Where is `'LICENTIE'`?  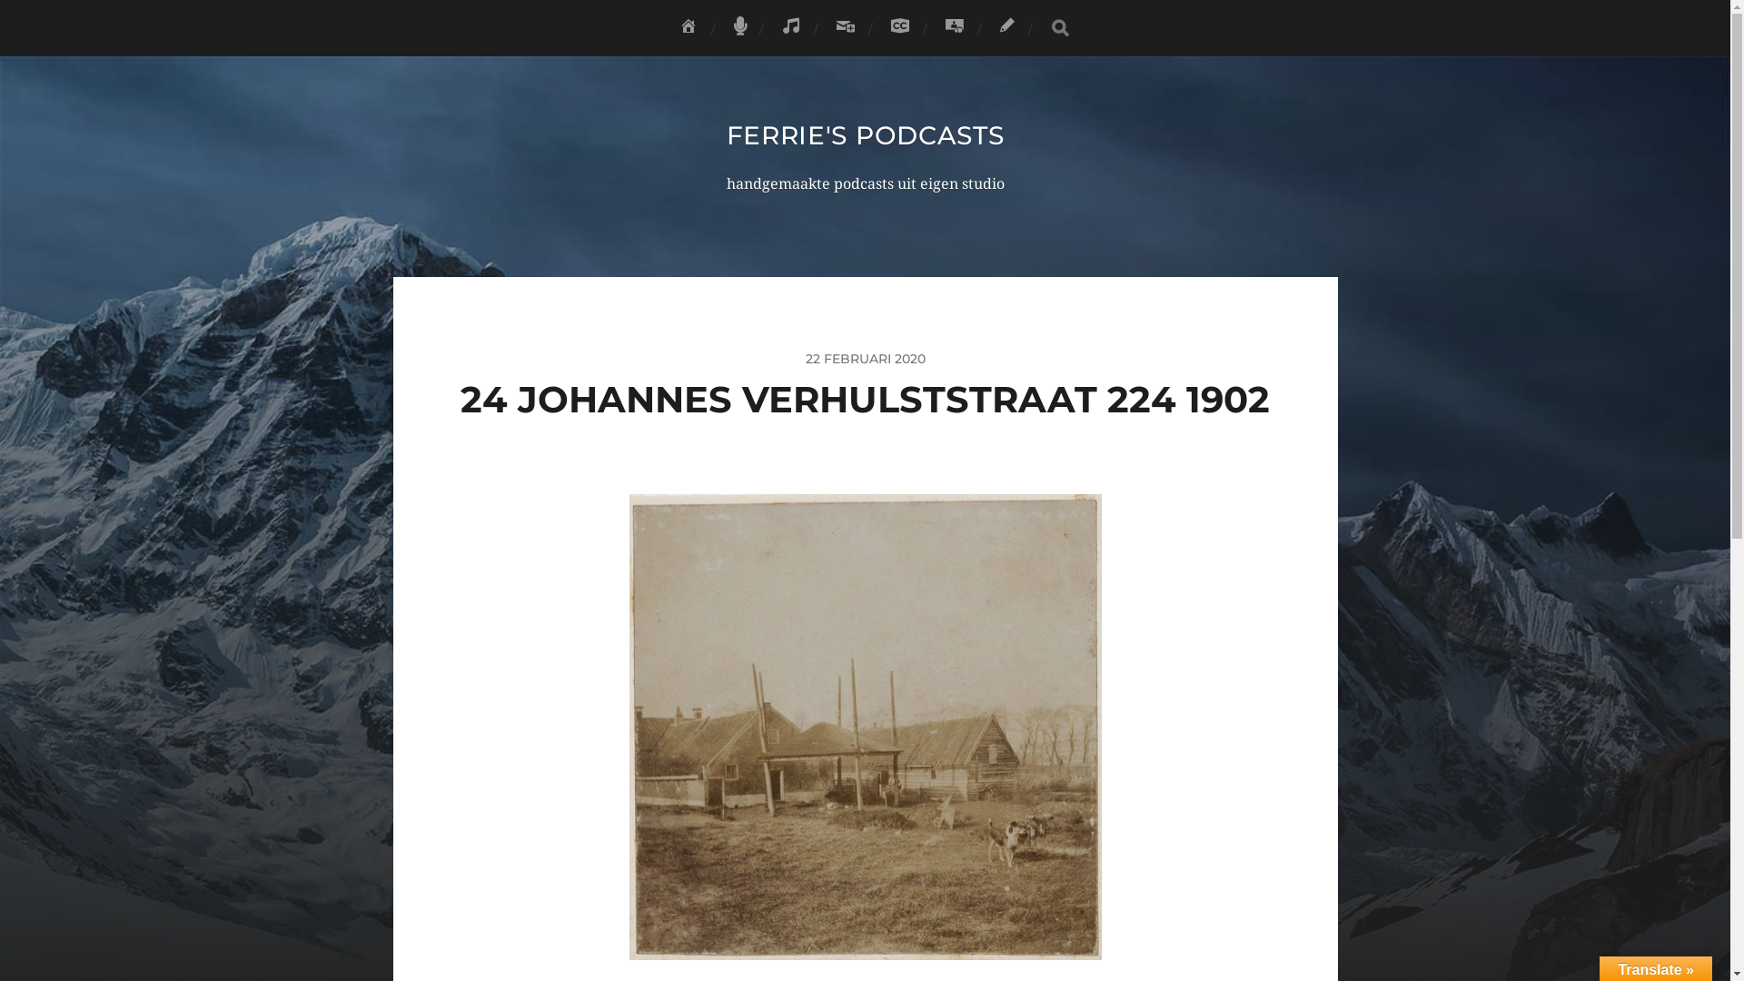 'LICENTIE' is located at coordinates (899, 27).